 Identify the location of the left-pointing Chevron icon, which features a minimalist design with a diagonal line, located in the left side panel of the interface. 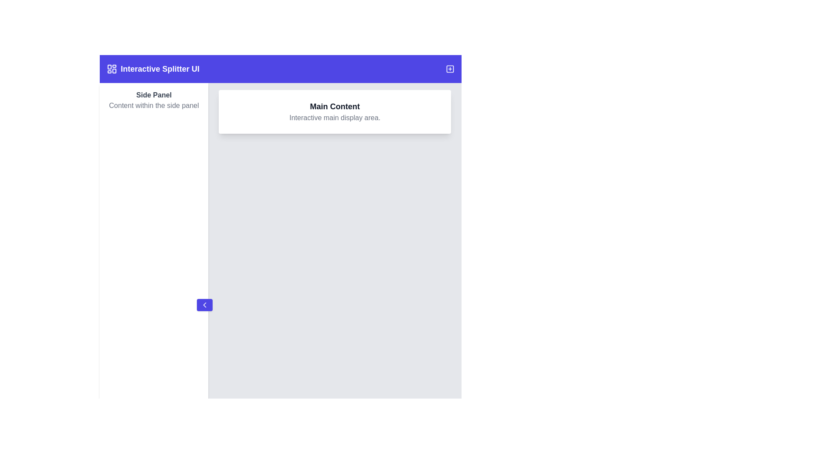
(204, 305).